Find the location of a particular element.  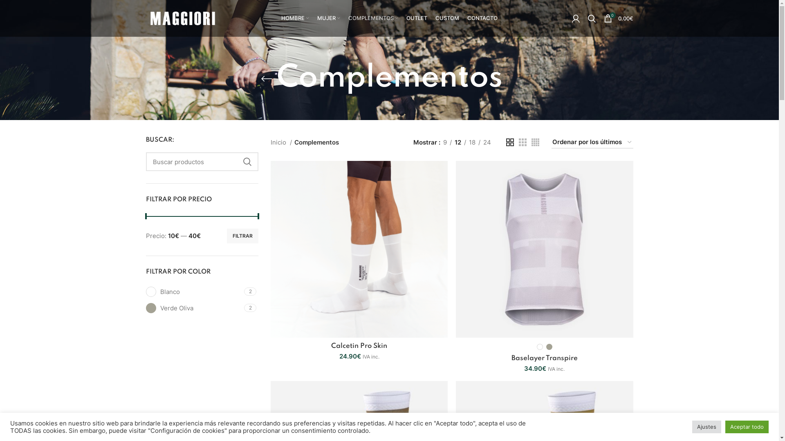

'FILTRAR' is located at coordinates (227, 236).